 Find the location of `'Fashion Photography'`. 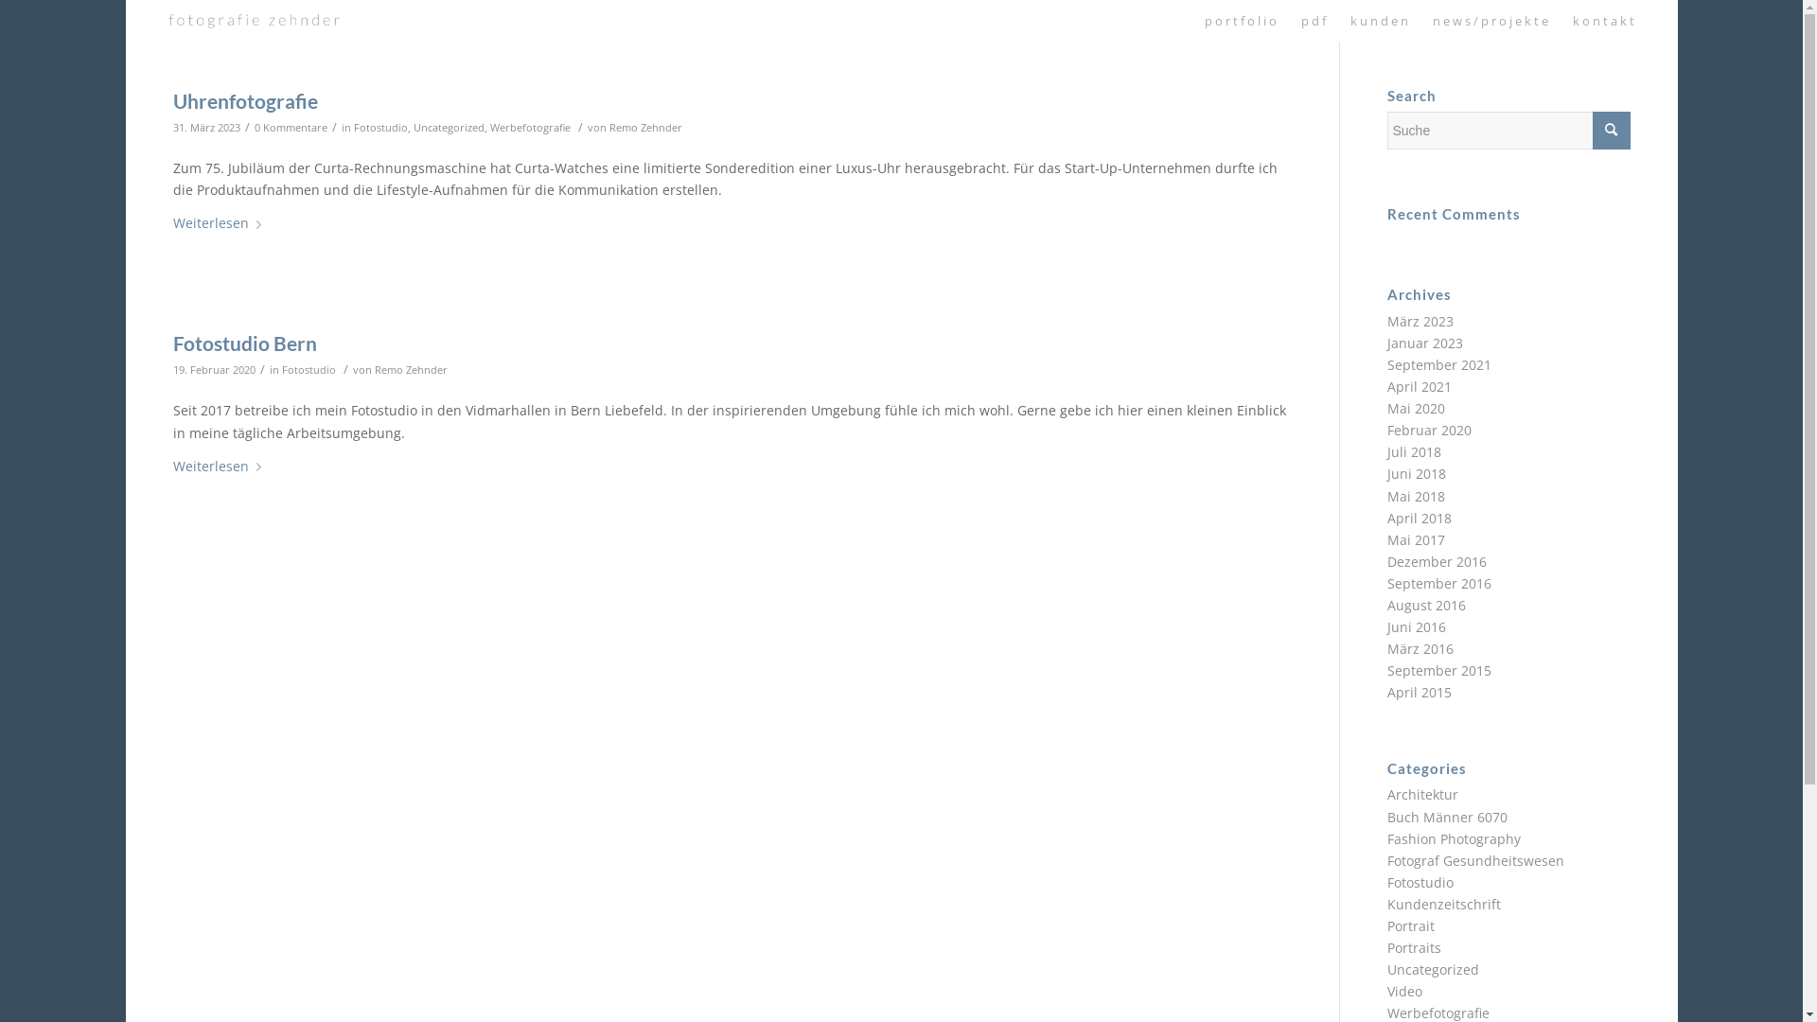

'Fashion Photography' is located at coordinates (1453, 837).